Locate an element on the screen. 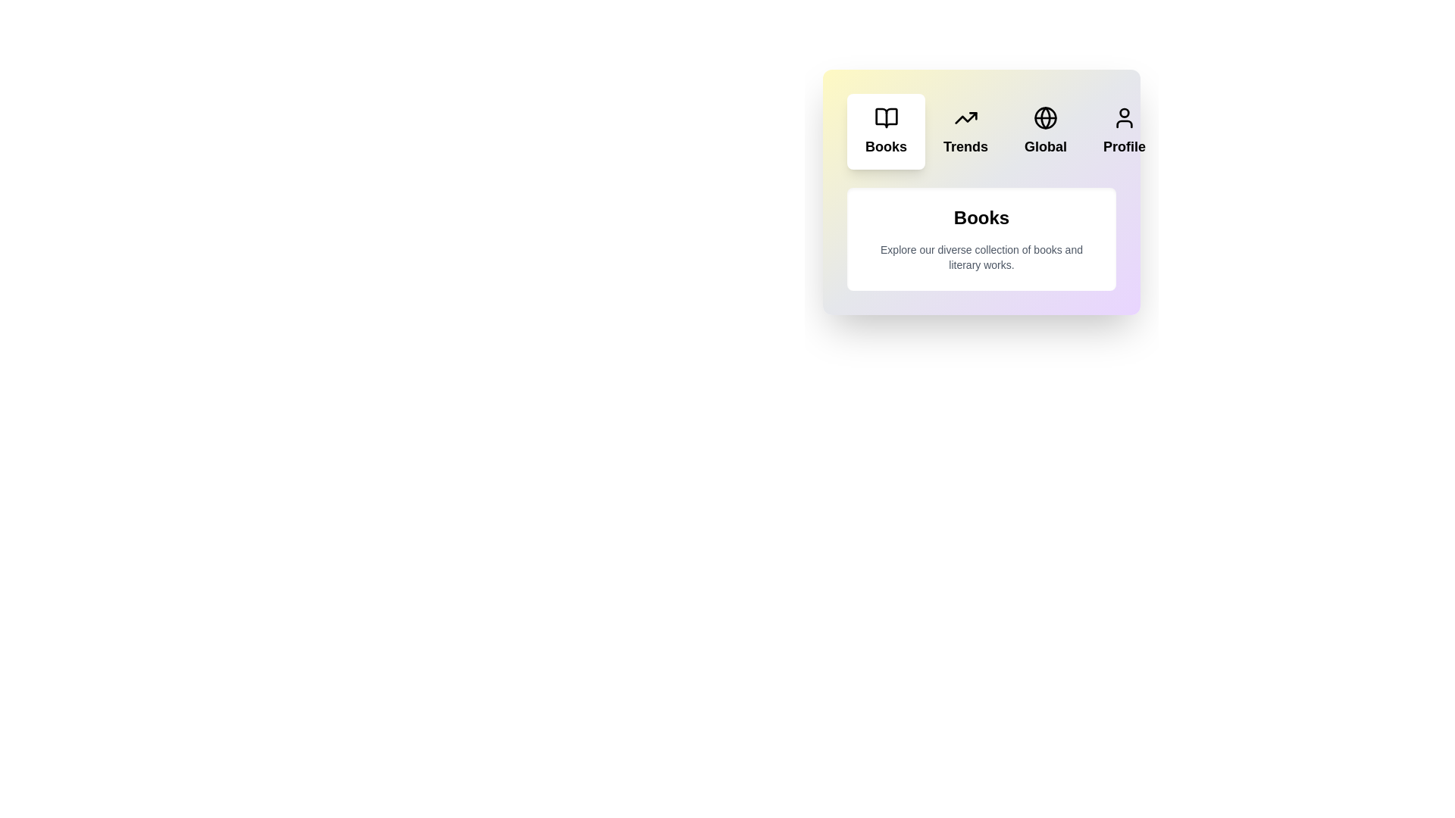 This screenshot has height=818, width=1455. the tab labeled Profile is located at coordinates (1124, 130).